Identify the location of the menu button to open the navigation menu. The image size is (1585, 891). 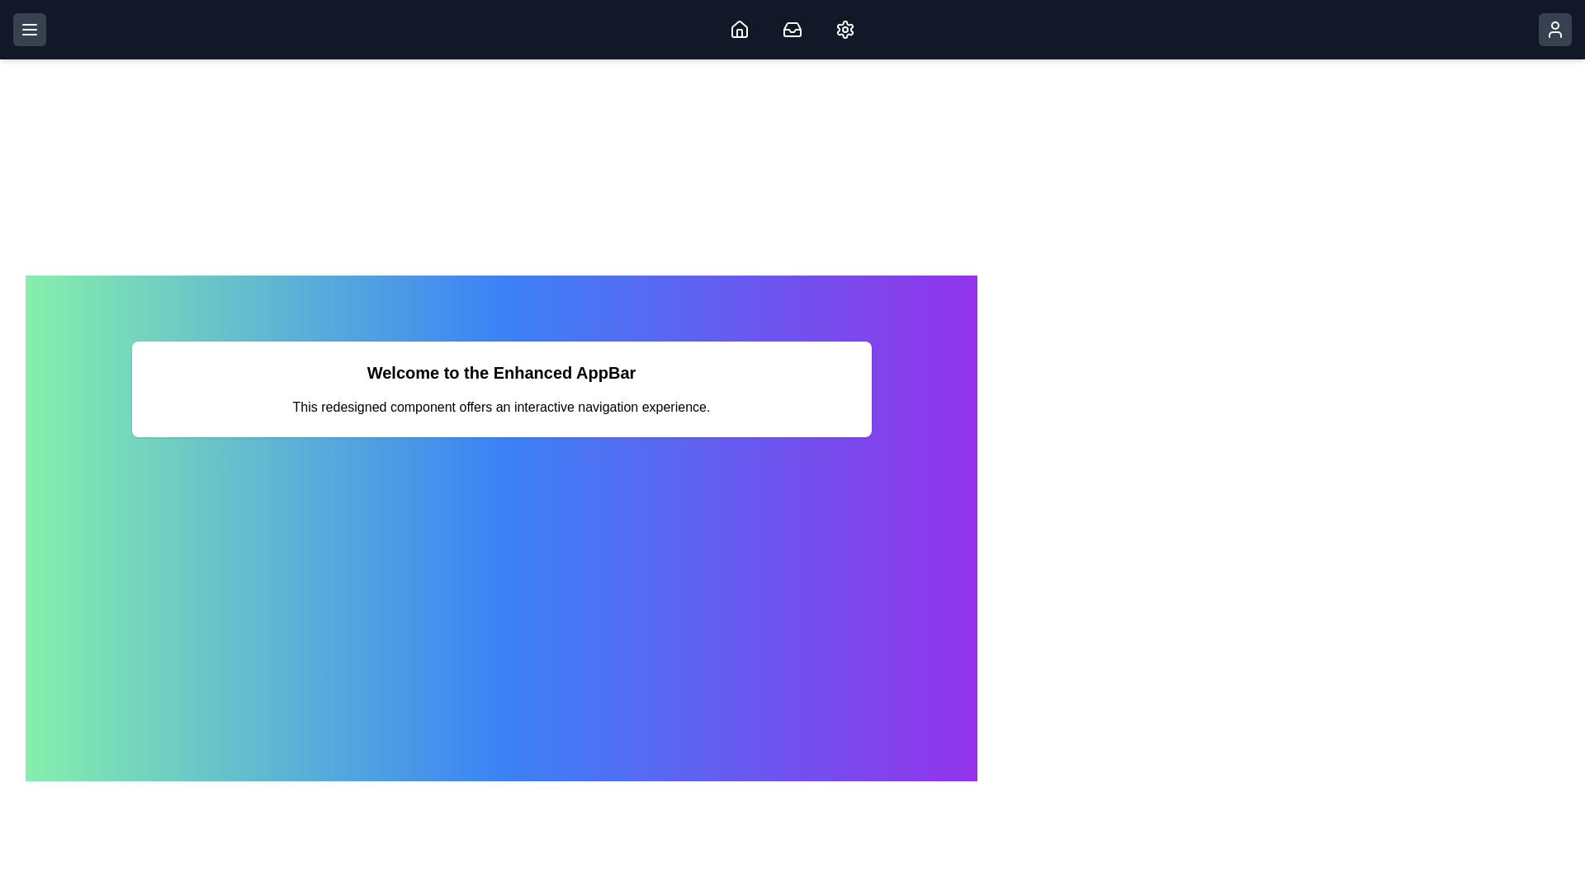
(29, 29).